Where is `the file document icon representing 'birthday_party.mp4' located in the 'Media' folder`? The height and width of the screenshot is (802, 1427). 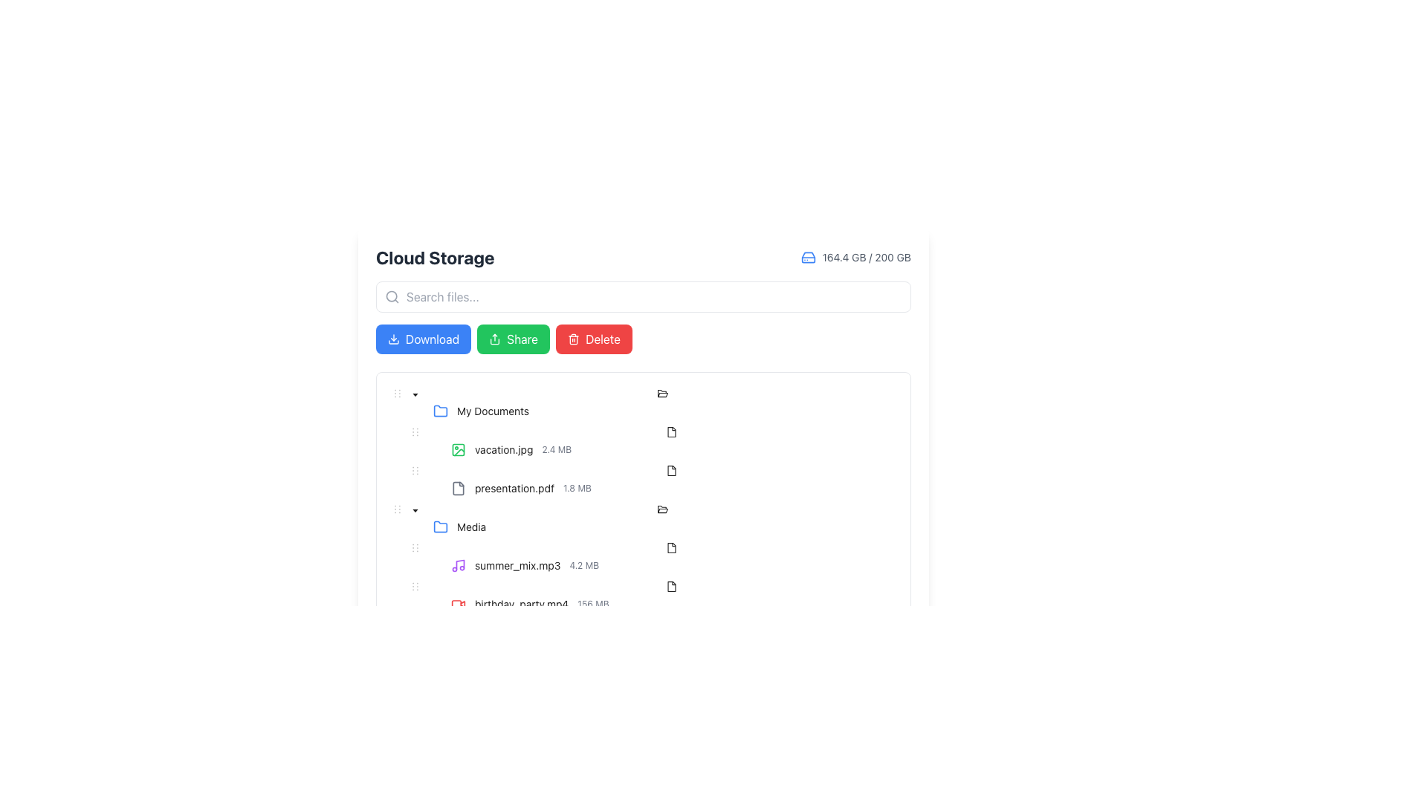 the file document icon representing 'birthday_party.mp4' located in the 'Media' folder is located at coordinates (670, 585).